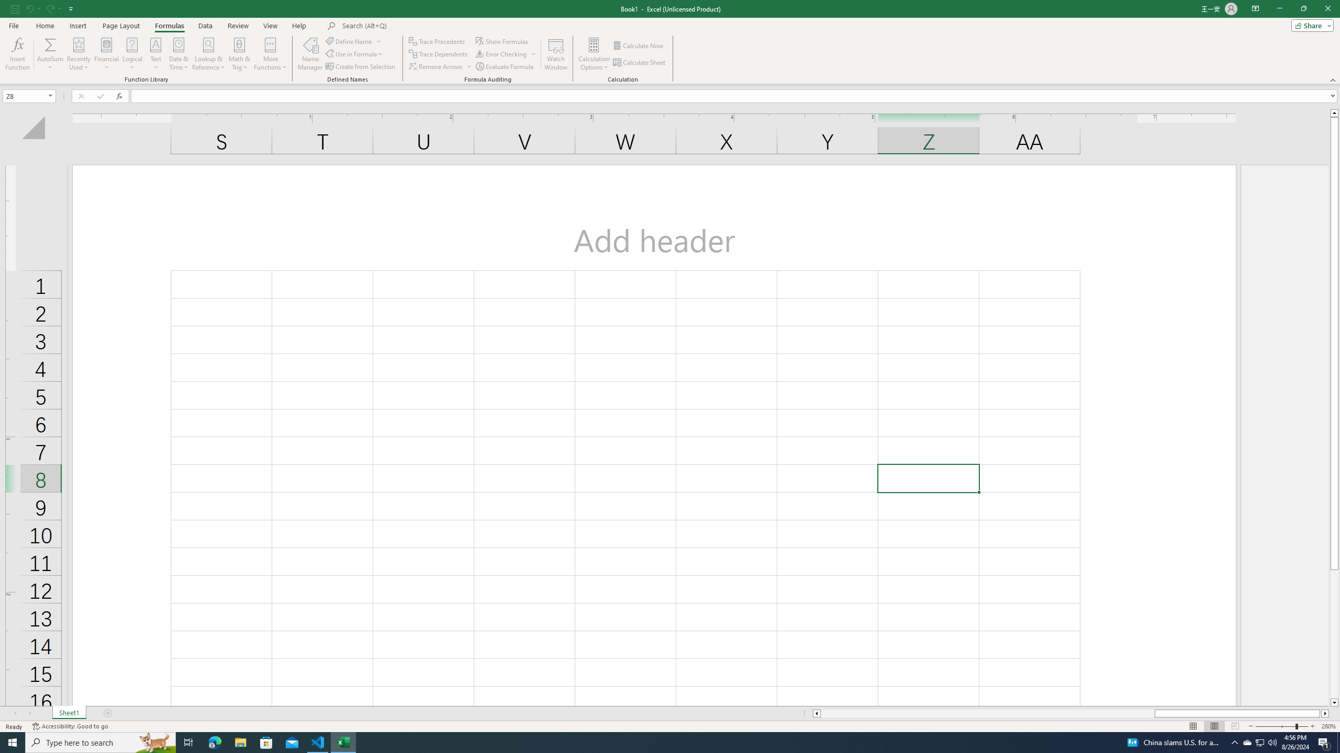 This screenshot has width=1340, height=753. I want to click on 'Insert Function...', so click(17, 54).